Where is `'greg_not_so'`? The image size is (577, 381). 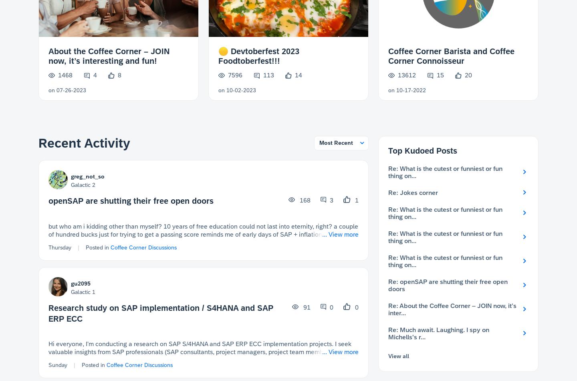 'greg_not_so' is located at coordinates (88, 176).